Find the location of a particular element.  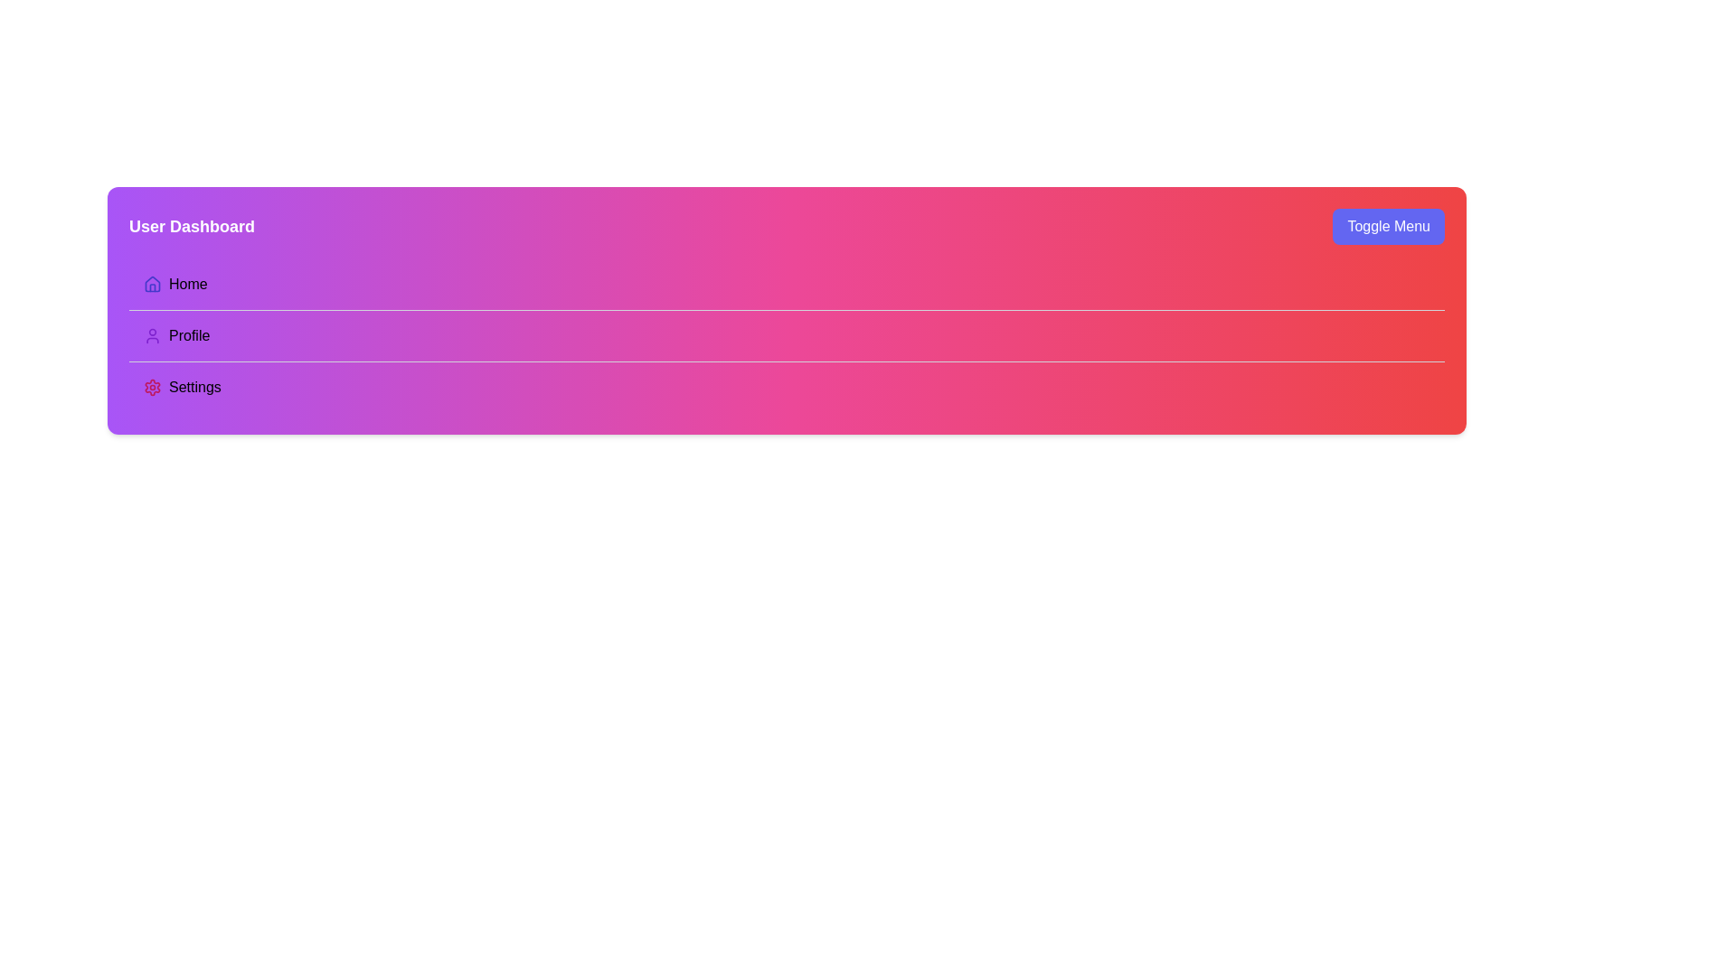

text label that displays 'User Dashboard', which is styled in bold and located in the top-left corner of the header area is located at coordinates (192, 225).